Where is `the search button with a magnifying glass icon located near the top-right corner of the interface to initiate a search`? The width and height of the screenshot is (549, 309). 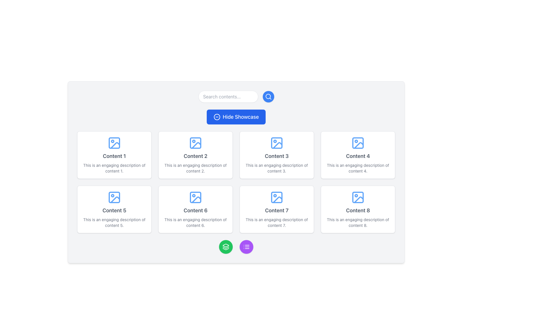 the search button with a magnifying glass icon located near the top-right corner of the interface to initiate a search is located at coordinates (268, 96).